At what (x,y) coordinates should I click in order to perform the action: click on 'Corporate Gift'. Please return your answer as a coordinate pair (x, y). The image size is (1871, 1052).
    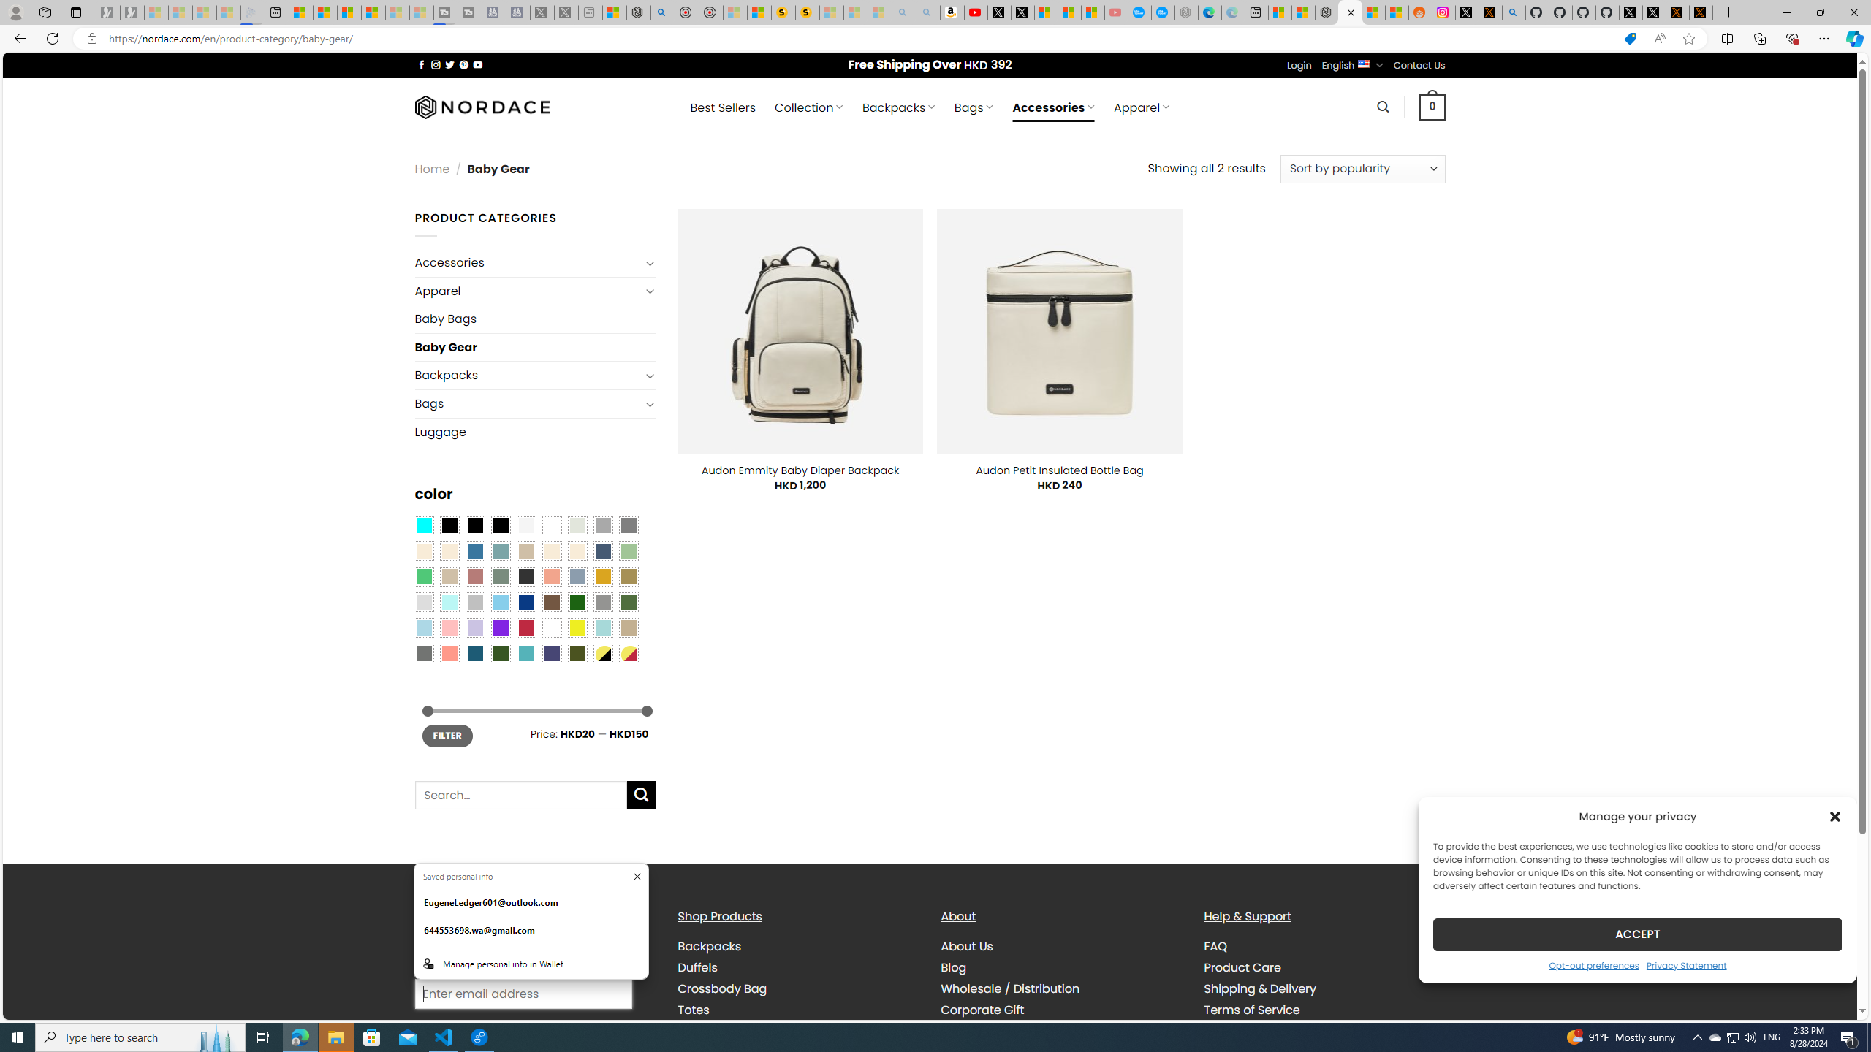
    Looking at the image, I should click on (983, 1008).